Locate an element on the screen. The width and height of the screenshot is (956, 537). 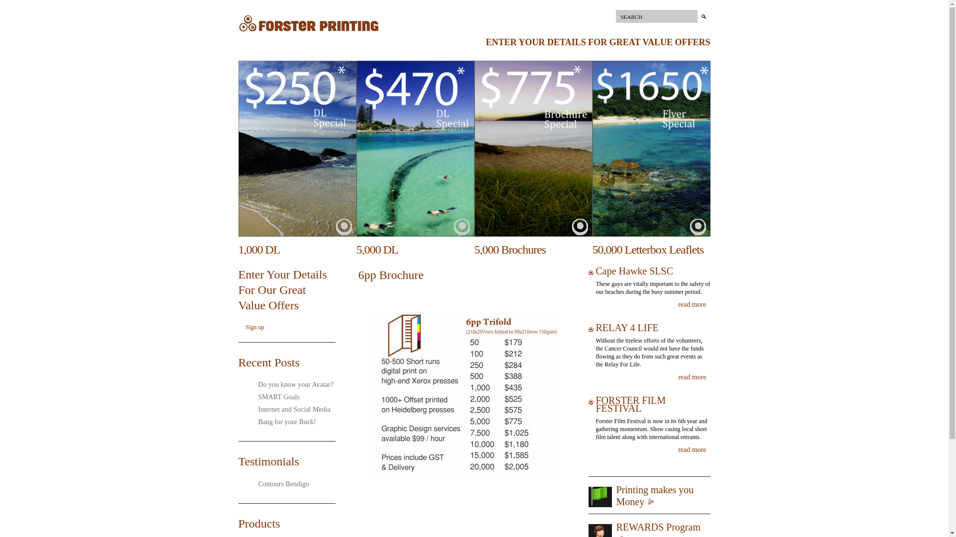
'SMART Goals' is located at coordinates (275, 396).